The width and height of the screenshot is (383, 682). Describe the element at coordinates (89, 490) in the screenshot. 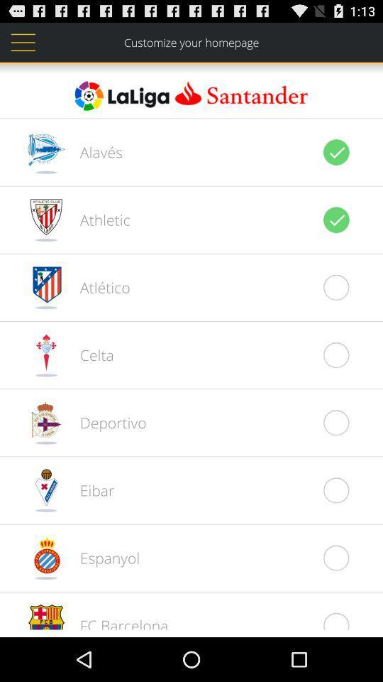

I see `eibar item` at that location.